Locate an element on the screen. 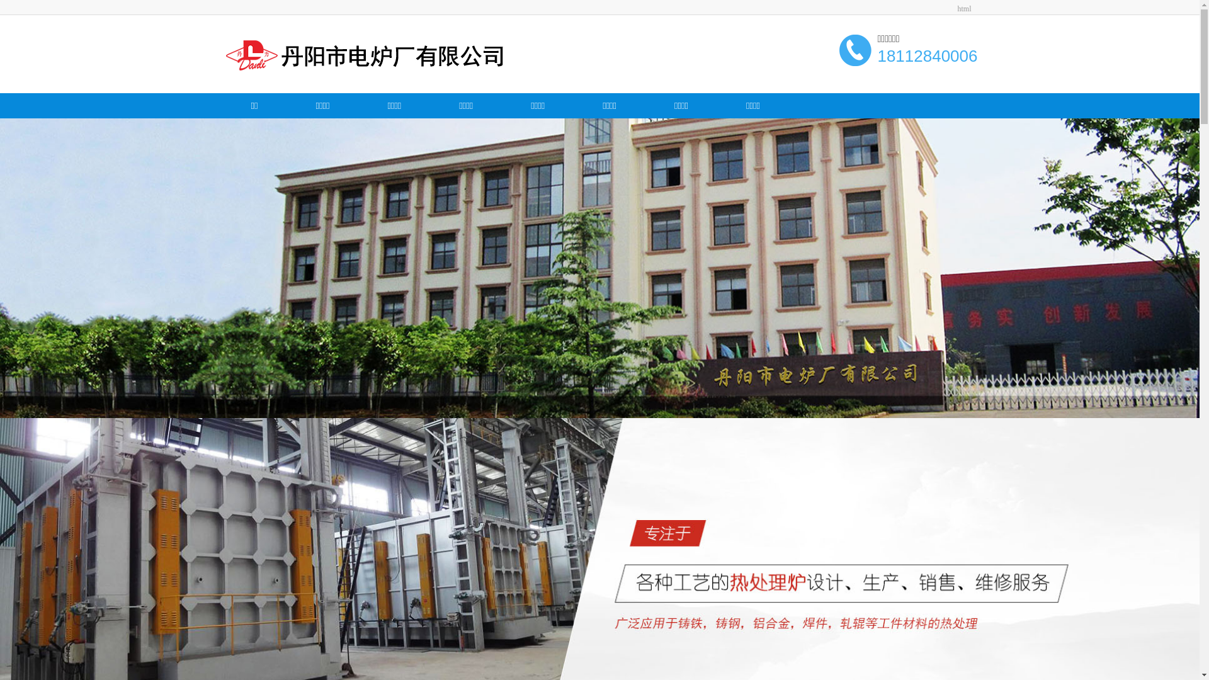  'html' is located at coordinates (963, 9).